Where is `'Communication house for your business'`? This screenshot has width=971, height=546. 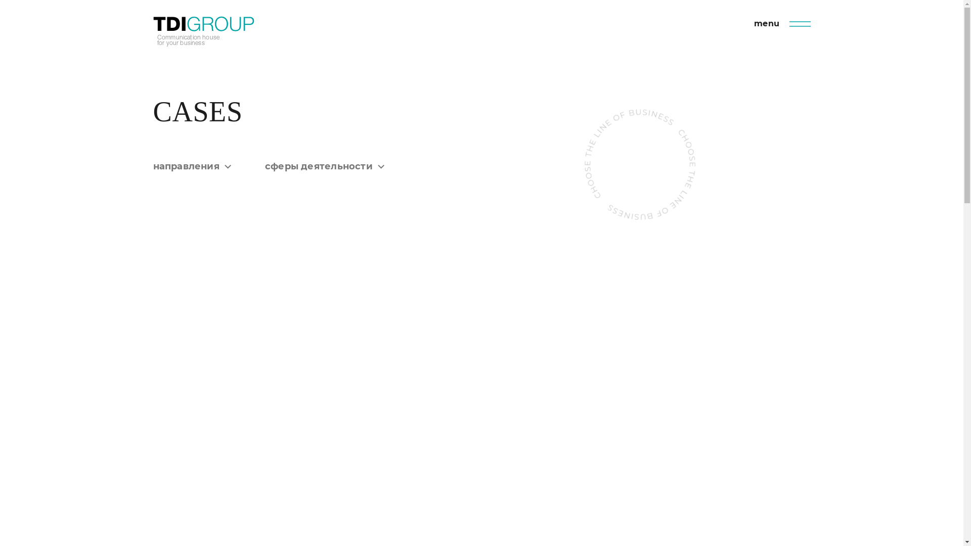 'Communication house for your business' is located at coordinates (203, 30).